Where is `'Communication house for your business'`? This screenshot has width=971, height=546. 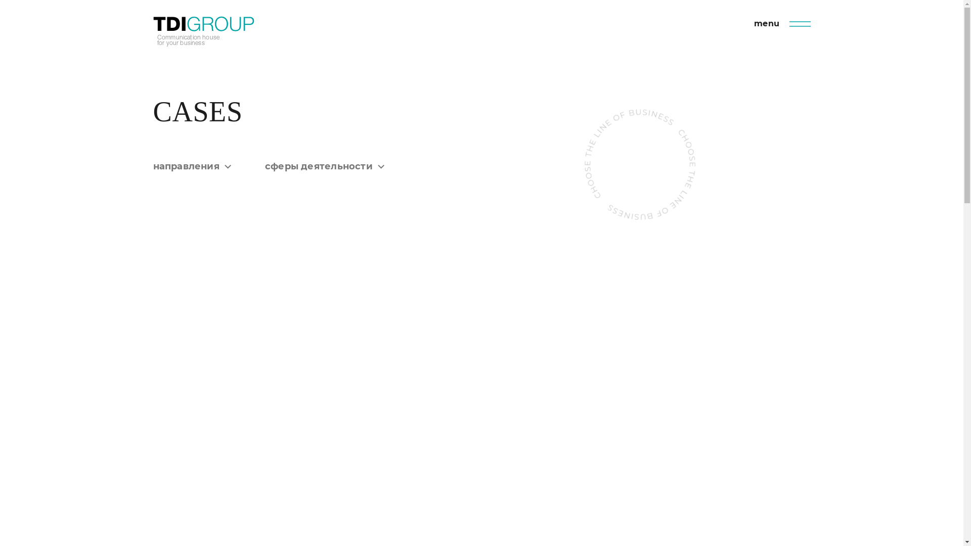 'Communication house for your business' is located at coordinates (203, 30).